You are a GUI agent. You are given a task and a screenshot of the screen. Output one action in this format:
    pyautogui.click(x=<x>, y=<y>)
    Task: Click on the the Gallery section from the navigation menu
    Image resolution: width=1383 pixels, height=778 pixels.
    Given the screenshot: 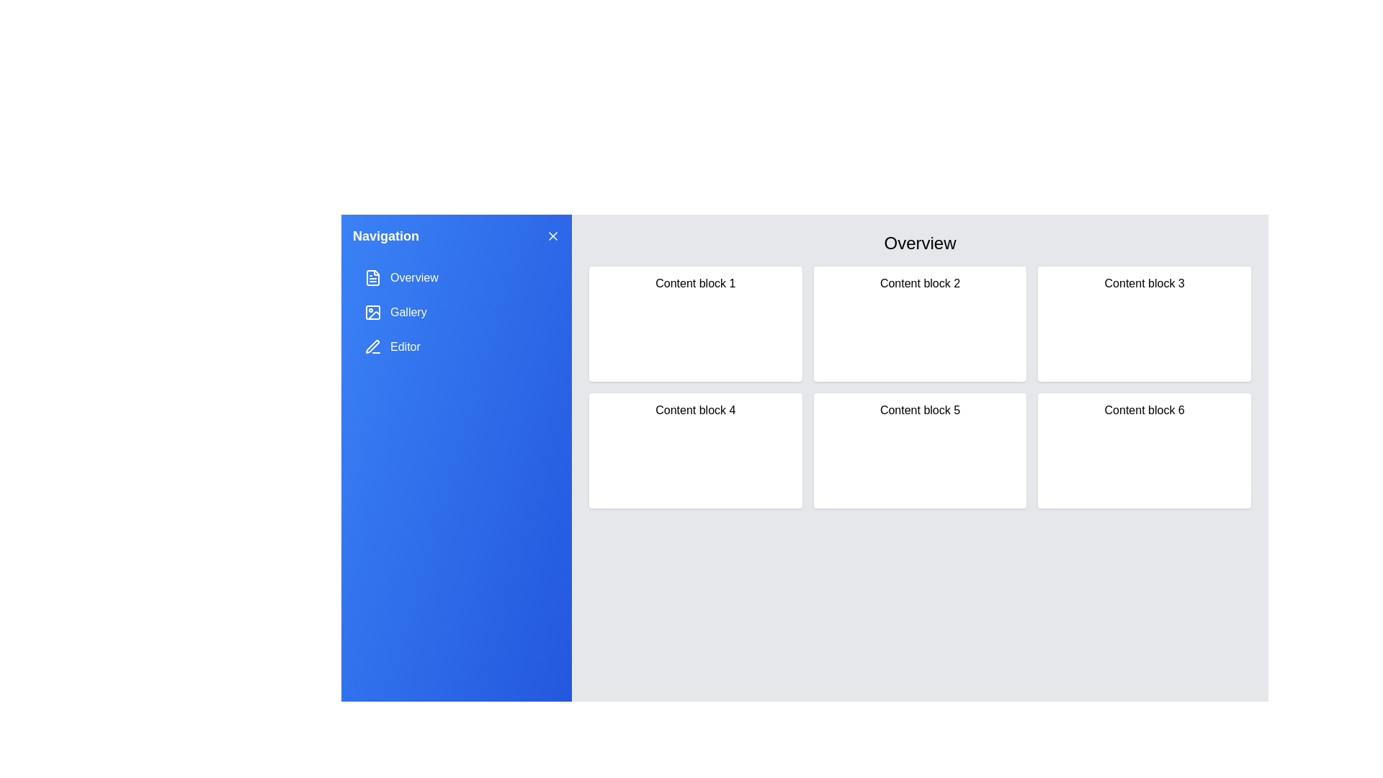 What is the action you would take?
    pyautogui.click(x=455, y=312)
    